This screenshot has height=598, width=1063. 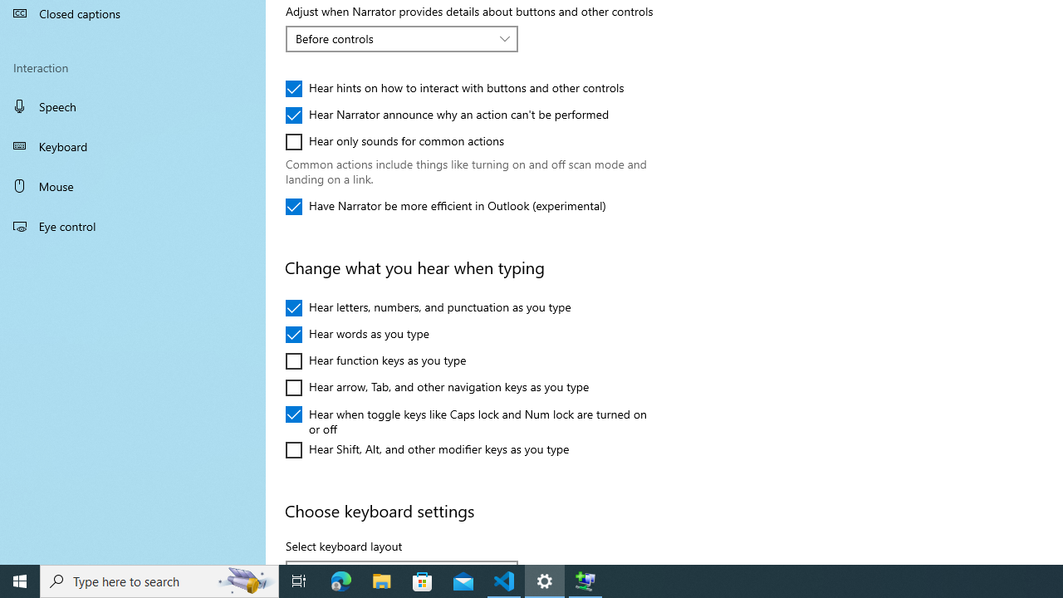 What do you see at coordinates (244, 580) in the screenshot?
I see `'Search highlights icon opens search home window'` at bounding box center [244, 580].